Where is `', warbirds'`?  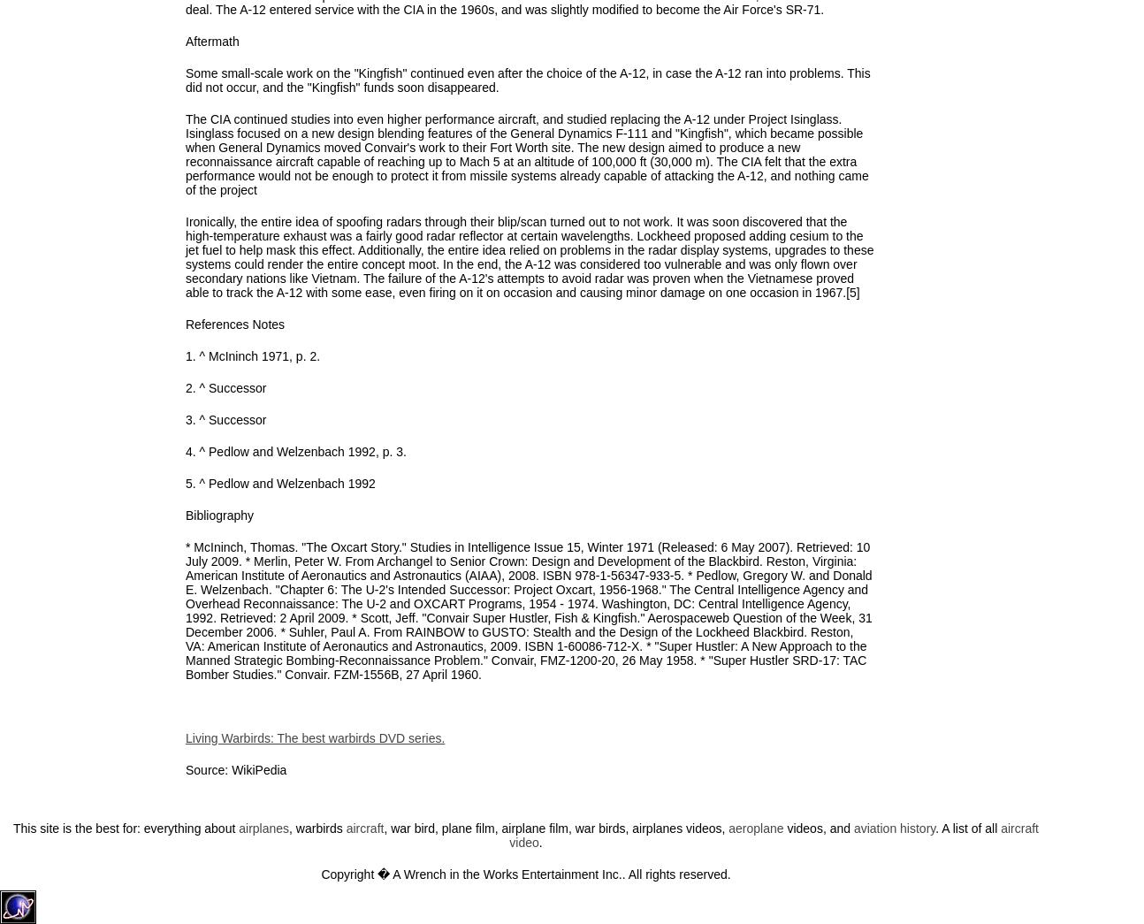 ', warbirds' is located at coordinates (317, 828).